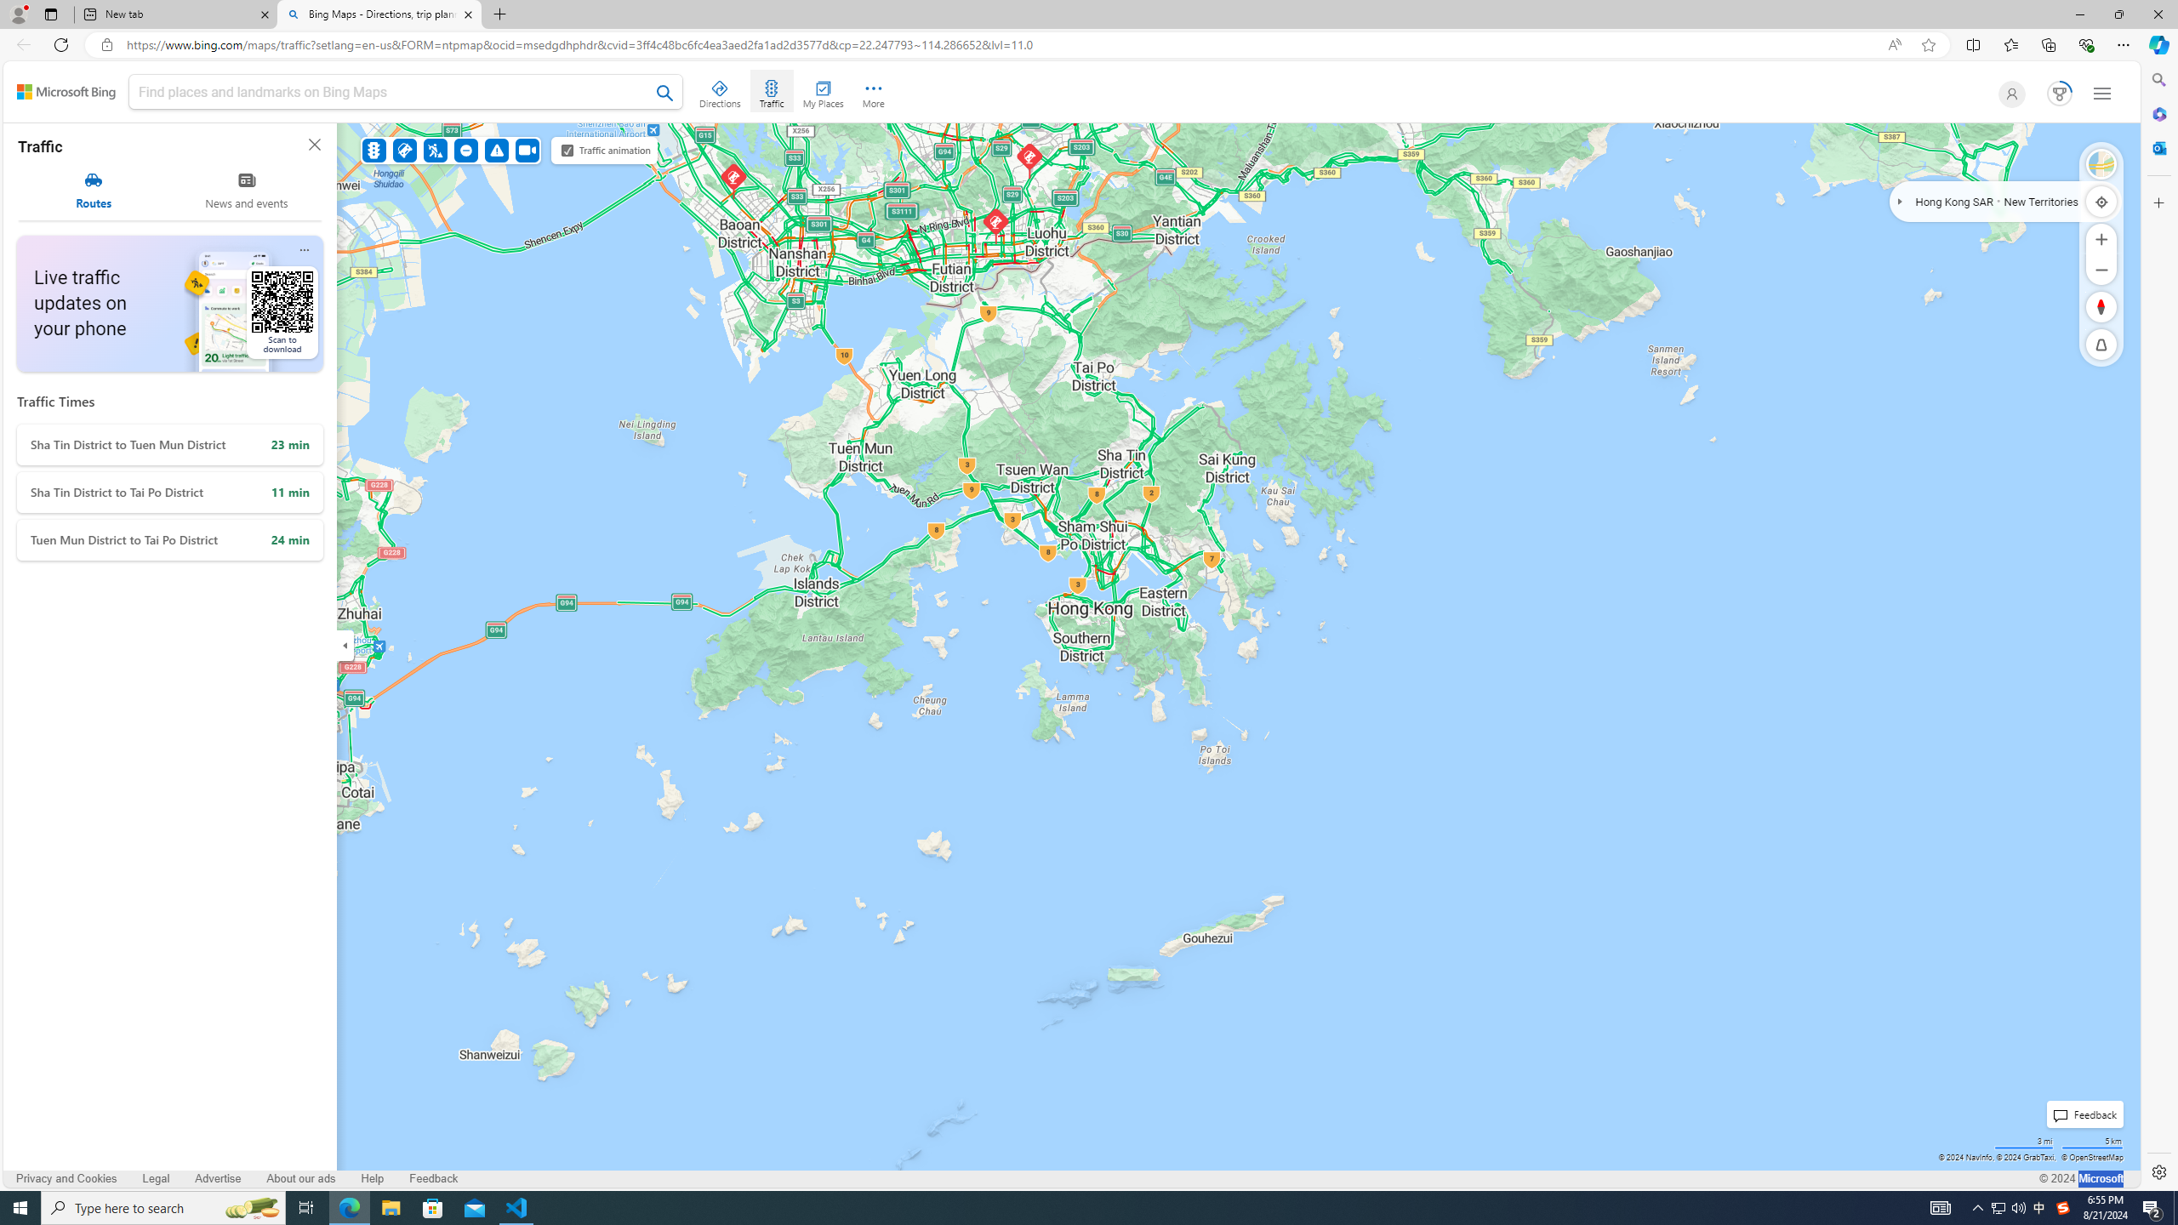 Image resolution: width=2178 pixels, height=1225 pixels. I want to click on 'Road Closures', so click(467, 150).